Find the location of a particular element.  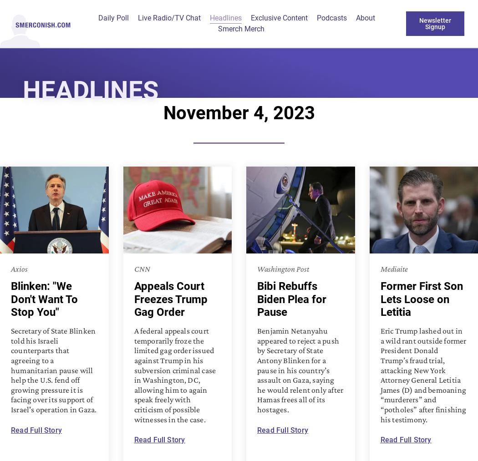

'CNN' is located at coordinates (142, 268).